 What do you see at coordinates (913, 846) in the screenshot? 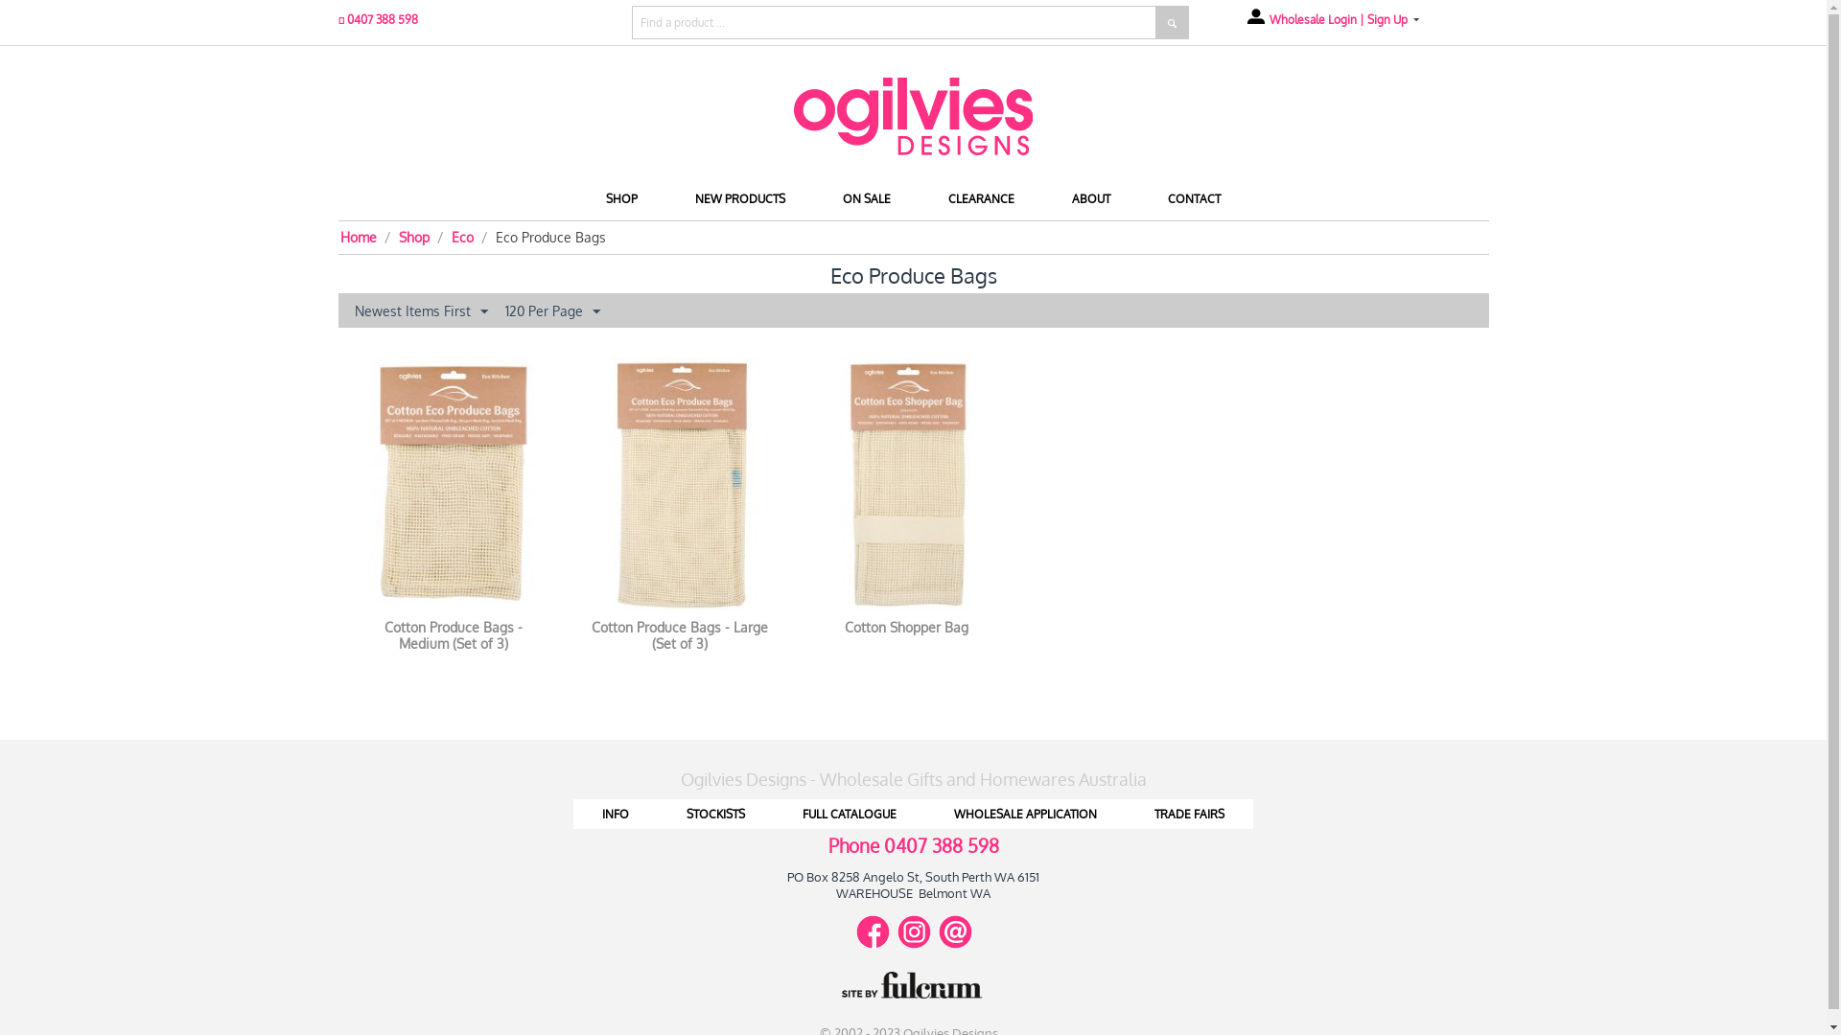
I see `'Phone 0407 388 598'` at bounding box center [913, 846].